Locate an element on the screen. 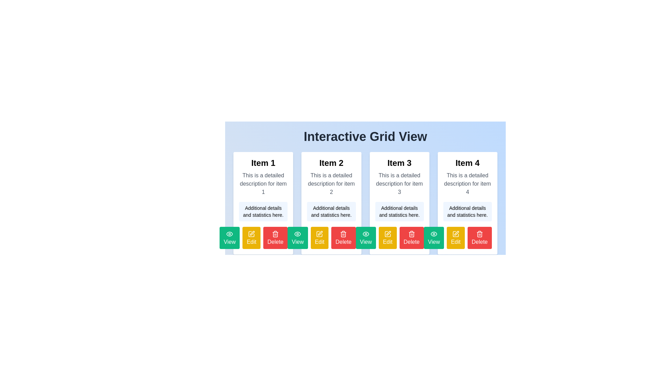 This screenshot has height=374, width=666. the heading text label 'Item 2' is located at coordinates (331, 163).